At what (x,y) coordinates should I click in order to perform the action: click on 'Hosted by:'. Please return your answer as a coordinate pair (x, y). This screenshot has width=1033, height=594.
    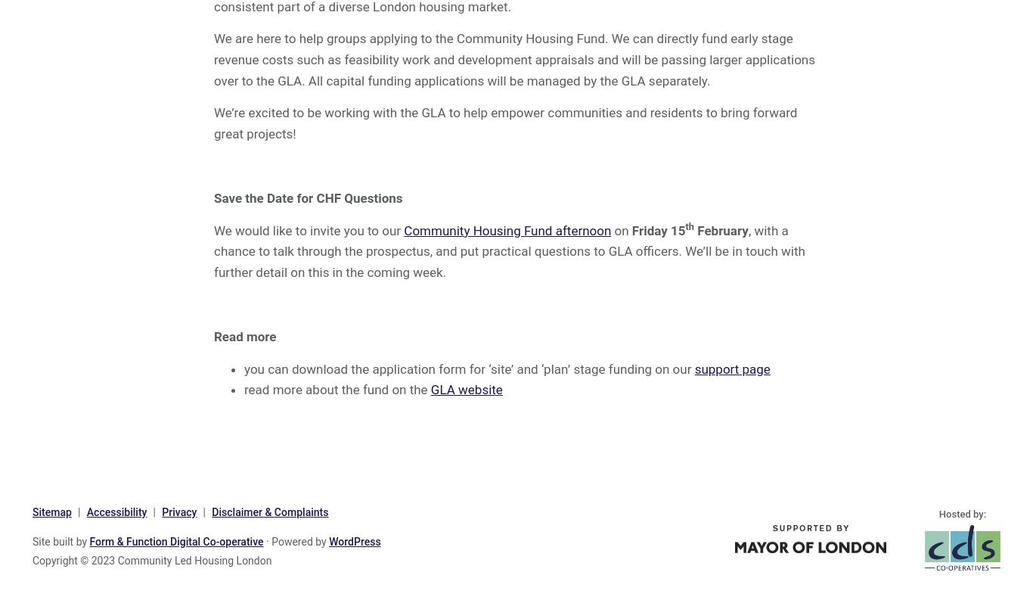
    Looking at the image, I should click on (938, 513).